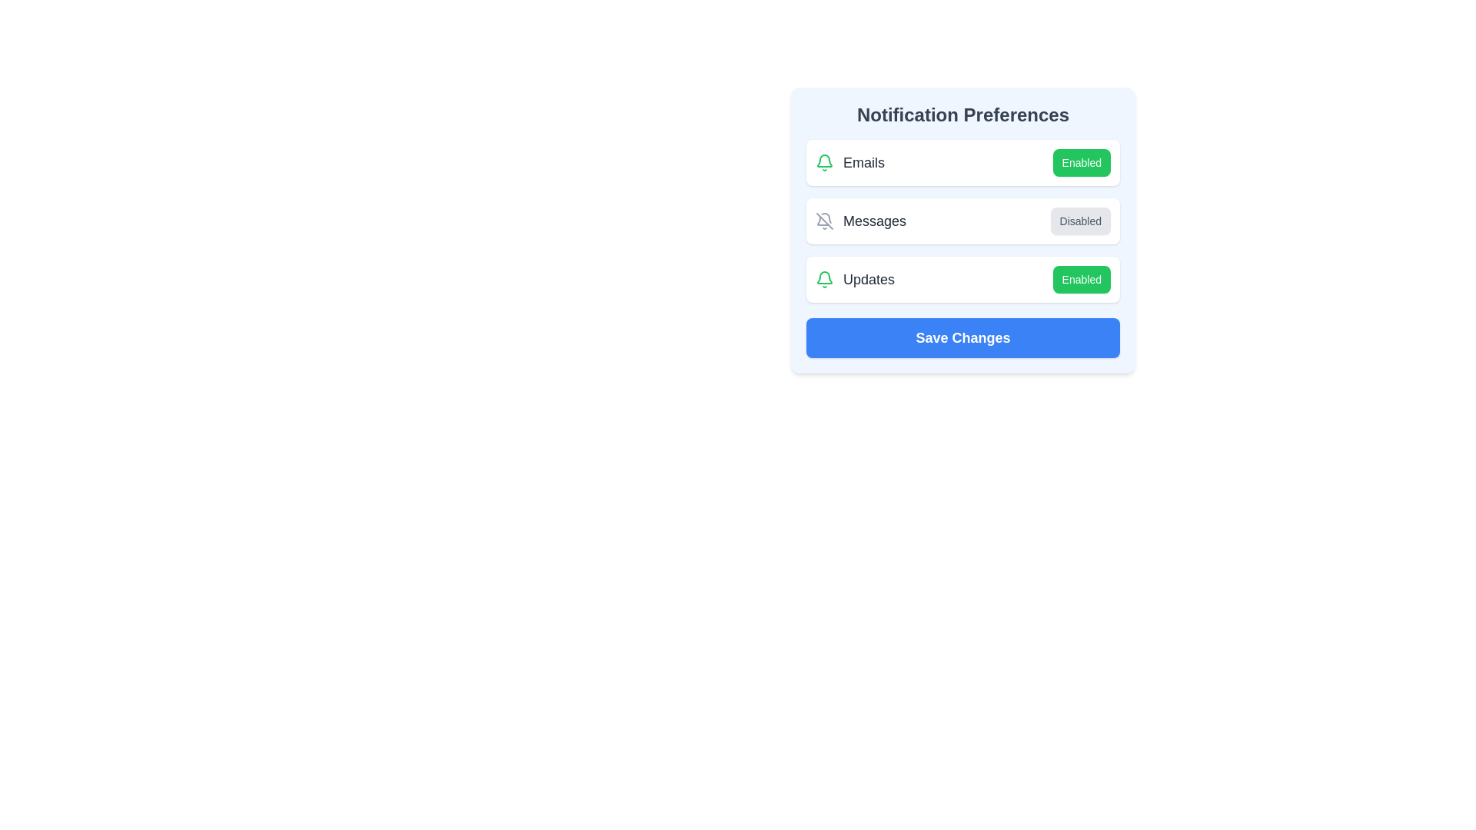 The width and height of the screenshot is (1476, 830). What do you see at coordinates (1080, 279) in the screenshot?
I see `the 'Enabled' button for 'Updates' to toggle its state` at bounding box center [1080, 279].